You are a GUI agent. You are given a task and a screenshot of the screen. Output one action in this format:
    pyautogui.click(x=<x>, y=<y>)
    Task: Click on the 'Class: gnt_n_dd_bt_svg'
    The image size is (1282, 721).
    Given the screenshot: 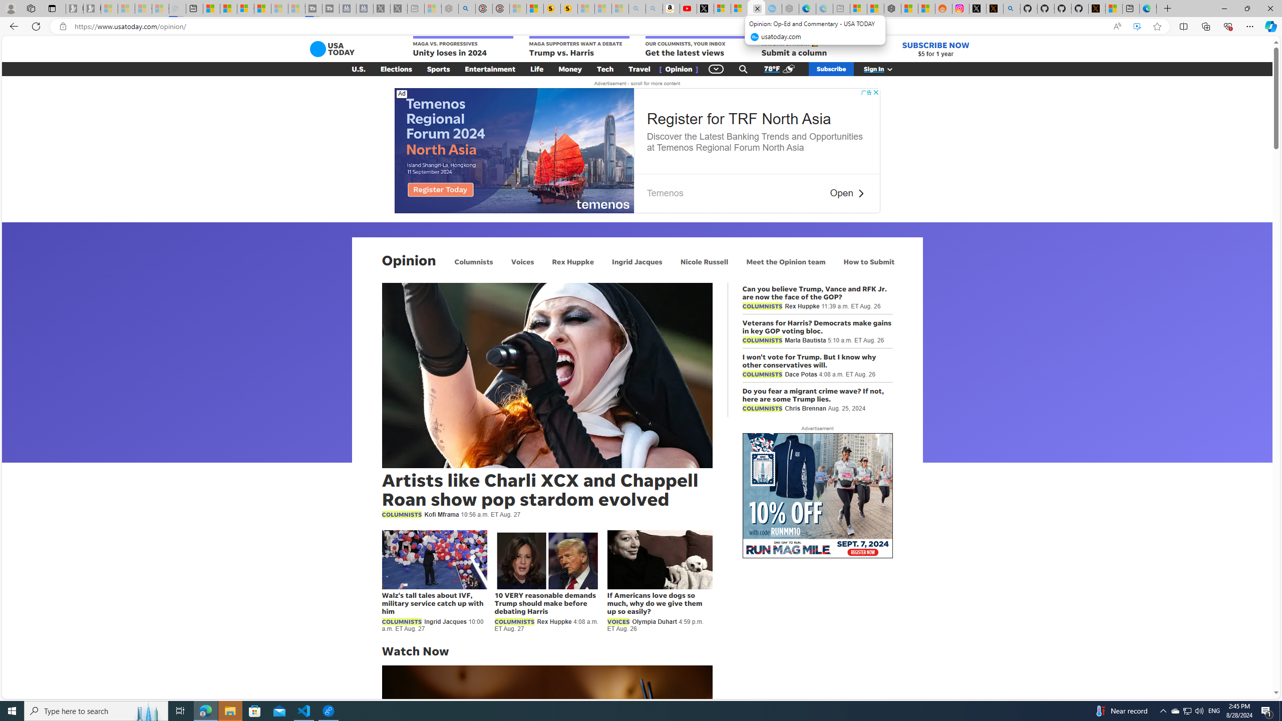 What is the action you would take?
    pyautogui.click(x=716, y=69)
    